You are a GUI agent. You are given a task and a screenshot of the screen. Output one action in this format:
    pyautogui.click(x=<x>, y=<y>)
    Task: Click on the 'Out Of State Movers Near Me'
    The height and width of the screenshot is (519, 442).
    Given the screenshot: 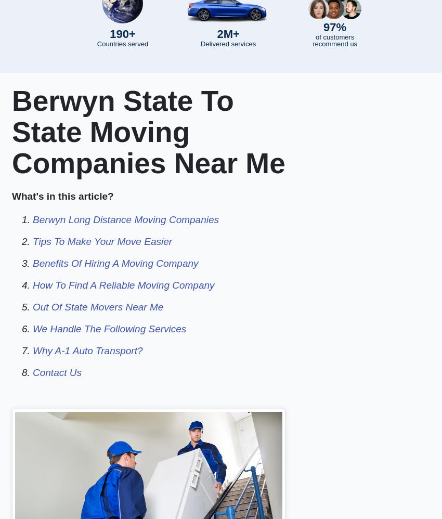 What is the action you would take?
    pyautogui.click(x=97, y=306)
    